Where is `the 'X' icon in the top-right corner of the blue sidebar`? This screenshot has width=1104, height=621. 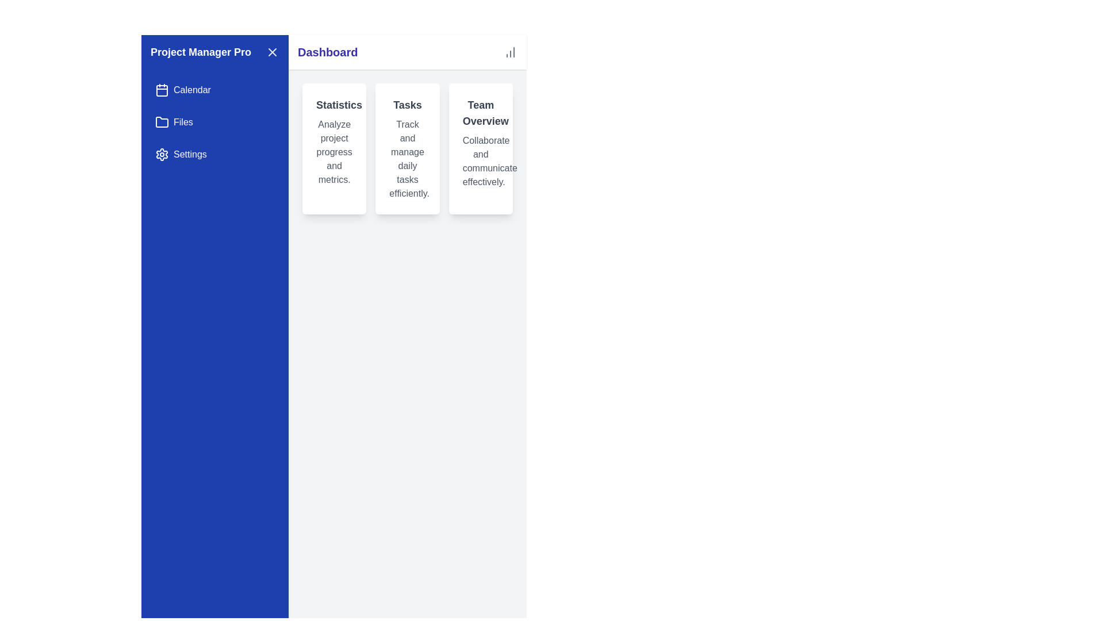
the 'X' icon in the top-right corner of the blue sidebar is located at coordinates (272, 52).